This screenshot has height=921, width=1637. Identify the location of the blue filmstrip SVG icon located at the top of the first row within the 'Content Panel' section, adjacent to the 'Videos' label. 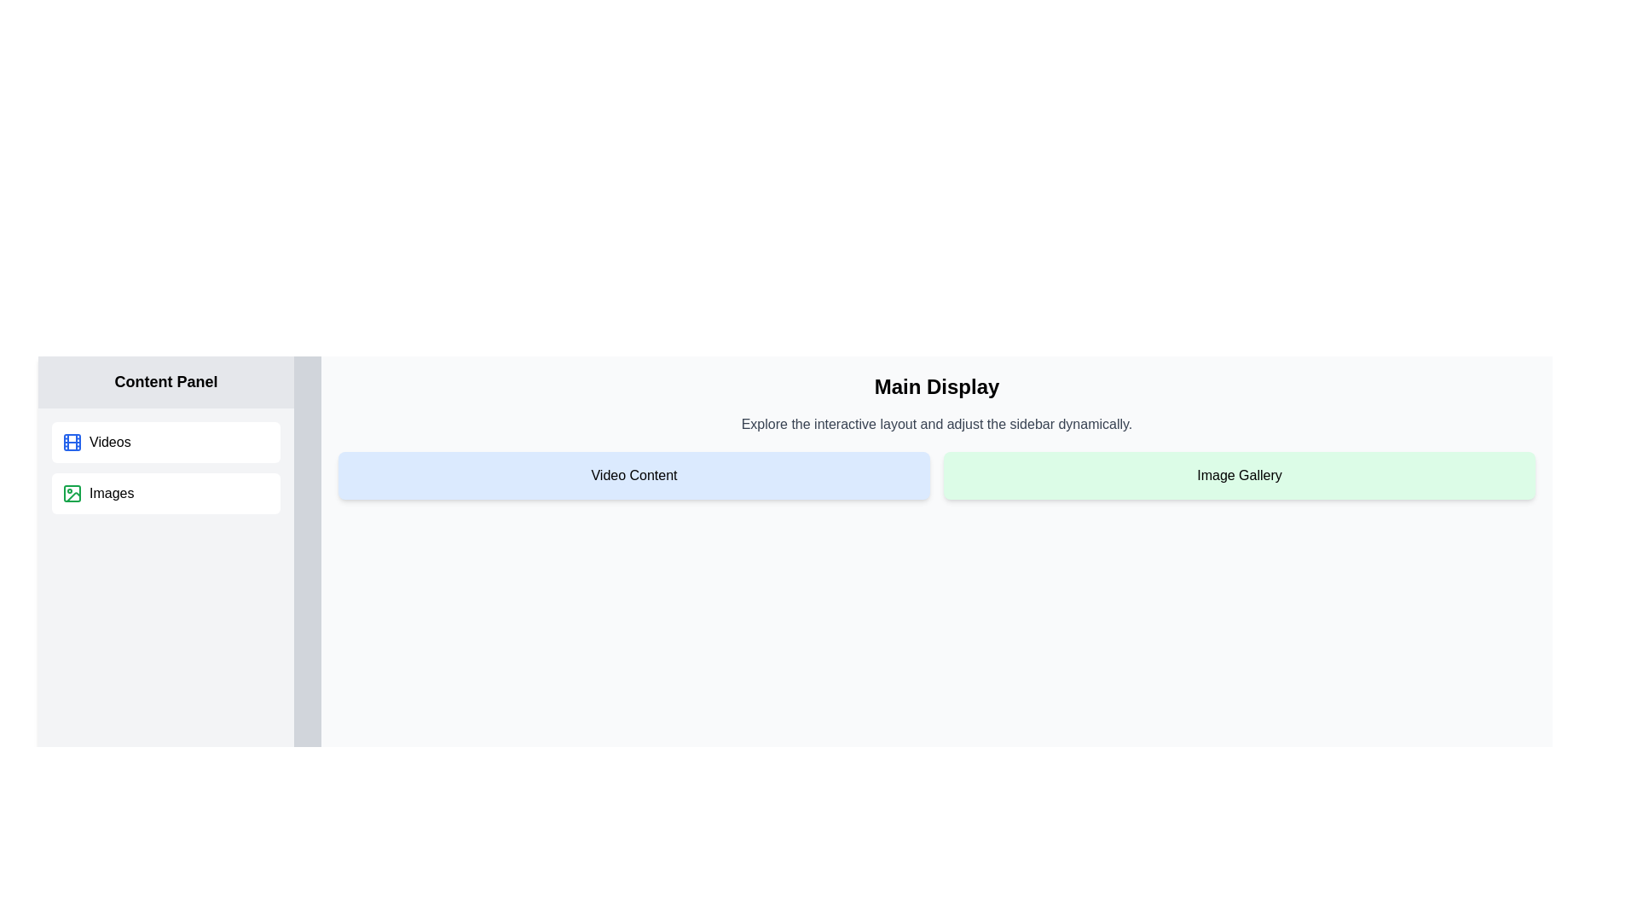
(72, 442).